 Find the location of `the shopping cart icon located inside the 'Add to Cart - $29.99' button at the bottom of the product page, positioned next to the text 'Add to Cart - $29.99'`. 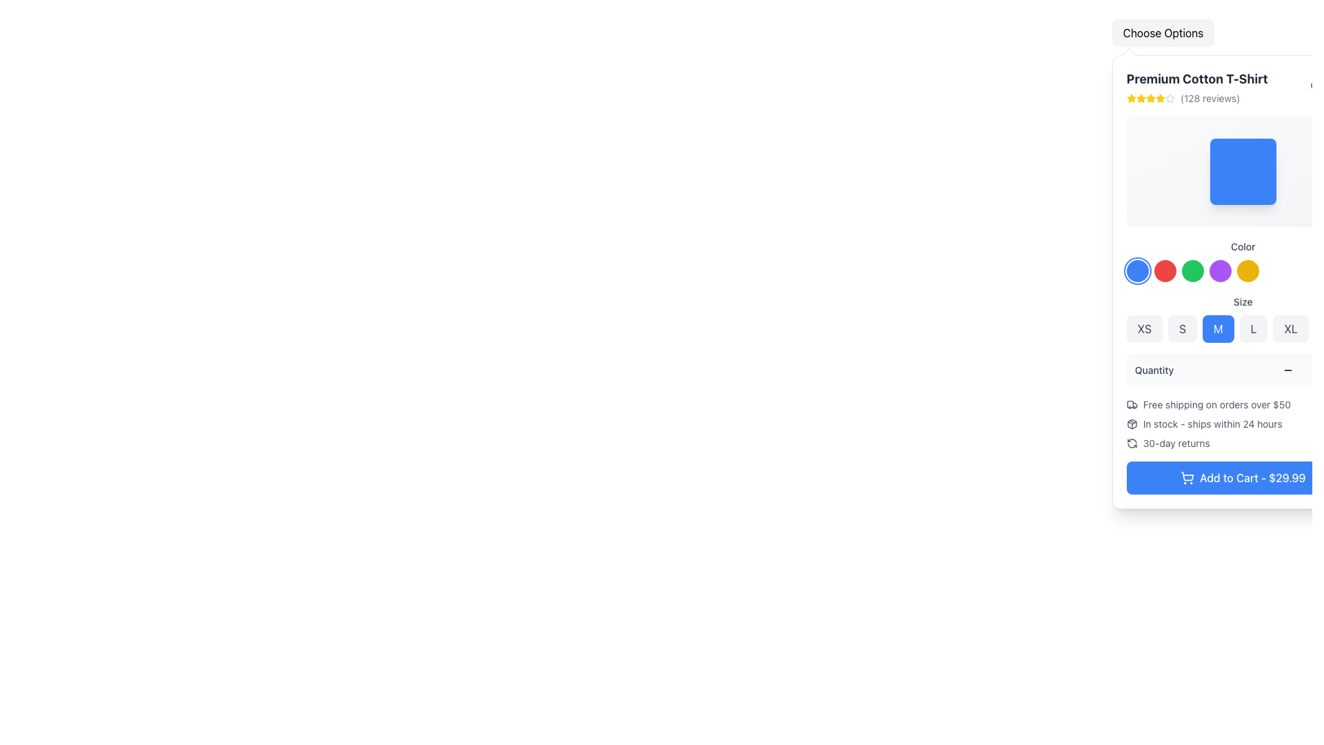

the shopping cart icon located inside the 'Add to Cart - $29.99' button at the bottom of the product page, positioned next to the text 'Add to Cart - $29.99' is located at coordinates (1187, 477).